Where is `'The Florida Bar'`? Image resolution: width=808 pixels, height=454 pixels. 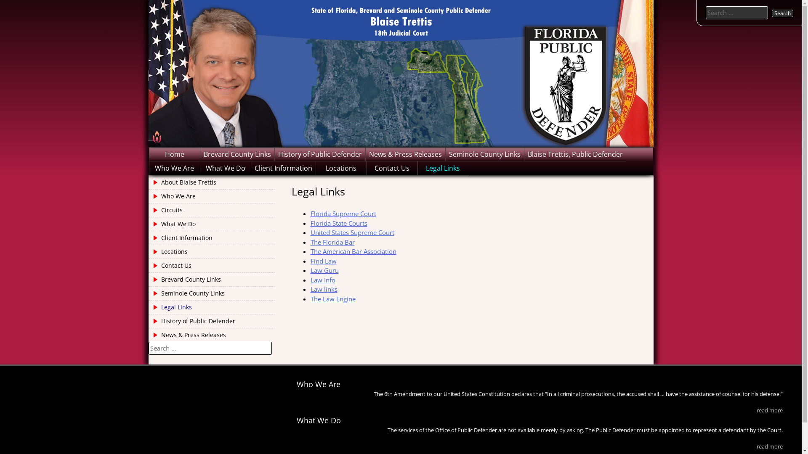 'The Florida Bar' is located at coordinates (332, 242).